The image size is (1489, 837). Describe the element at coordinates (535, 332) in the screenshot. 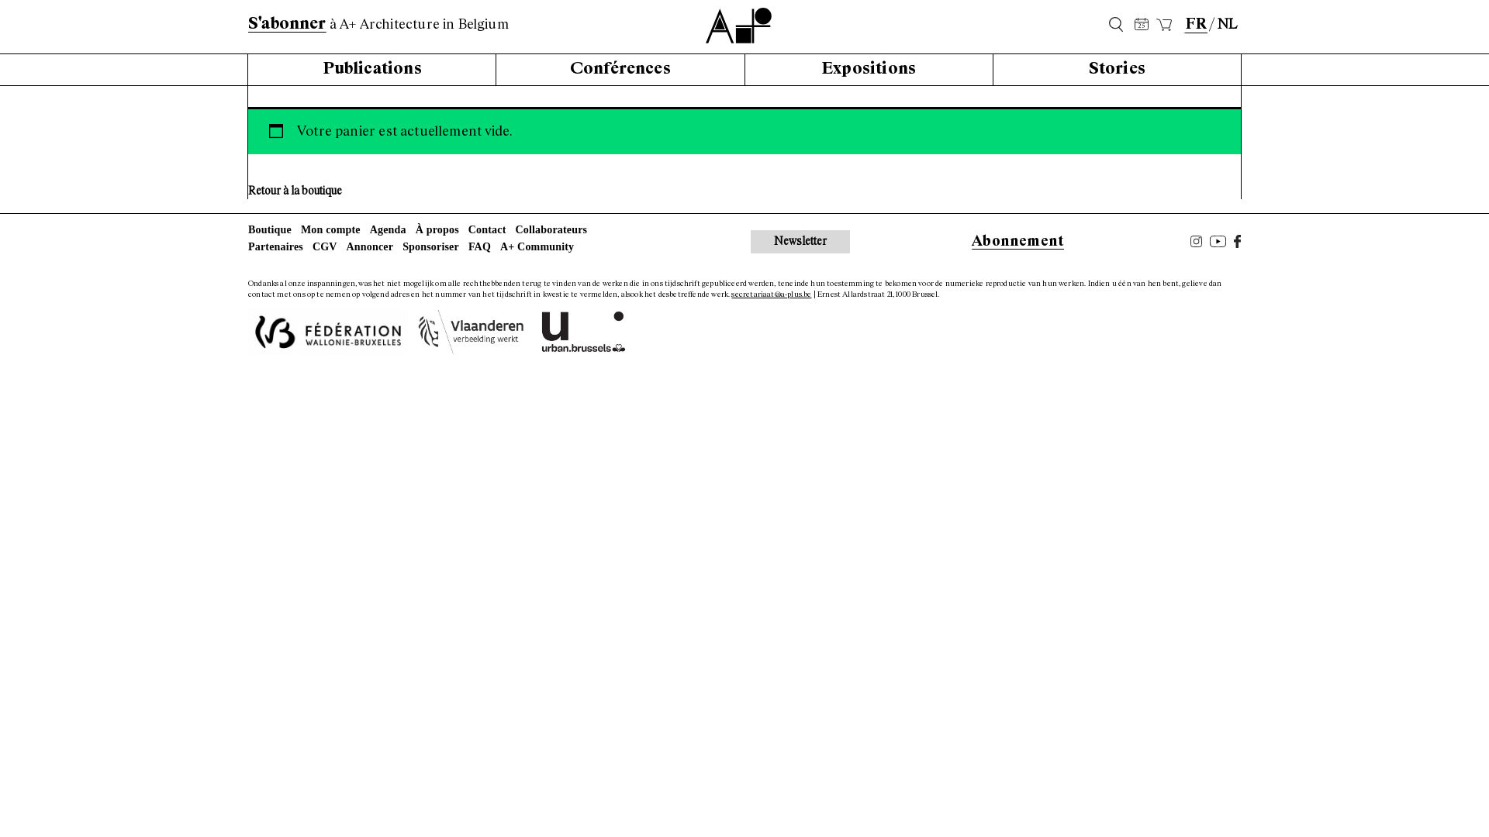

I see `'urban.brussels'` at that location.